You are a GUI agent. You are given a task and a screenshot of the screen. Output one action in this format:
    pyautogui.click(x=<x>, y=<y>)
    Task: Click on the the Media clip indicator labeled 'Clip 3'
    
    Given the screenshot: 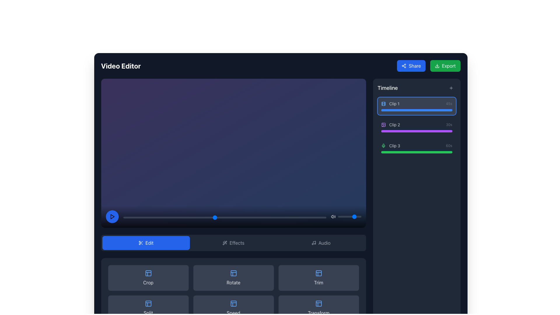 What is the action you would take?
    pyautogui.click(x=416, y=148)
    